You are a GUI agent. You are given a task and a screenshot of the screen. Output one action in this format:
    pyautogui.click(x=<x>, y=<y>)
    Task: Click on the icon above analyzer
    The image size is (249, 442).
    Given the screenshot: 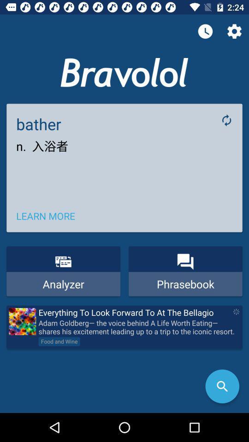 What is the action you would take?
    pyautogui.click(x=63, y=262)
    